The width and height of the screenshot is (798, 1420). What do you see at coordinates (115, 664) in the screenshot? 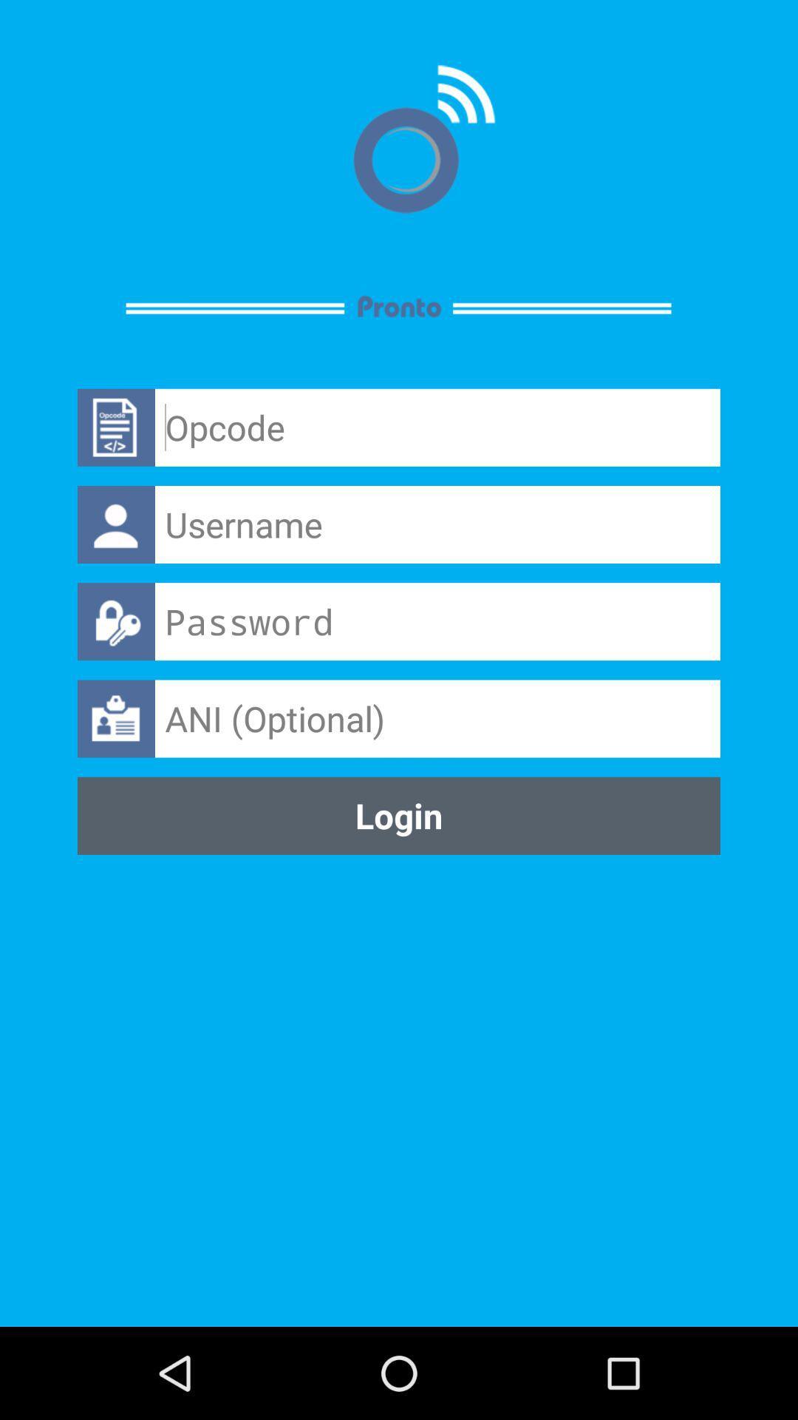
I see `the lock icon` at bounding box center [115, 664].